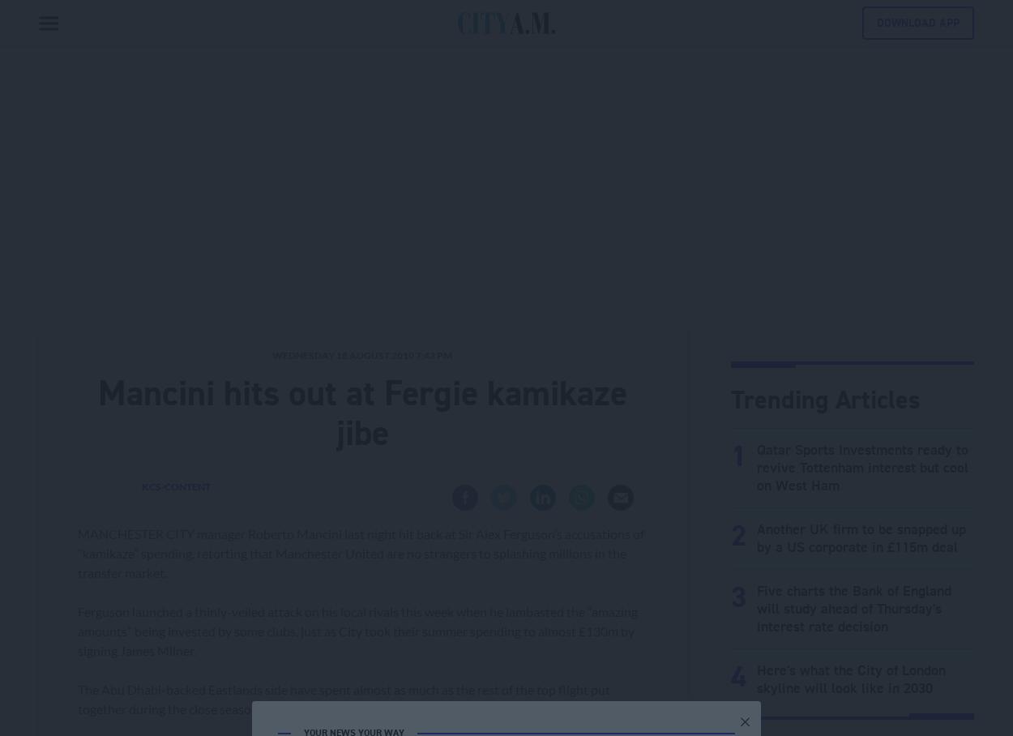 This screenshot has height=736, width=1013. Describe the element at coordinates (361, 413) in the screenshot. I see `'Mancini hits out at Fergie kamikaze jibe'` at that location.